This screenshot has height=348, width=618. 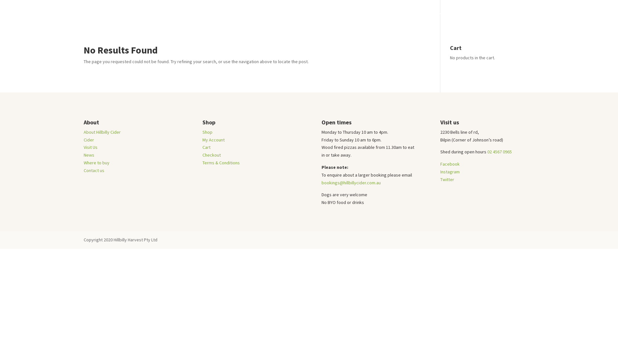 What do you see at coordinates (501, 18) in the screenshot?
I see `'Where to buy'` at bounding box center [501, 18].